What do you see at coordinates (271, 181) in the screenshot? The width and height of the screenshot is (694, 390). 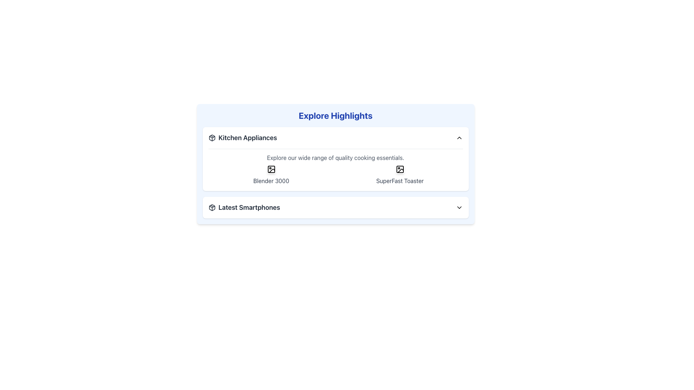 I see `the text label identifying the item as 'Blender 3000' which serves as a descriptor within the kitchen appliances section` at bounding box center [271, 181].